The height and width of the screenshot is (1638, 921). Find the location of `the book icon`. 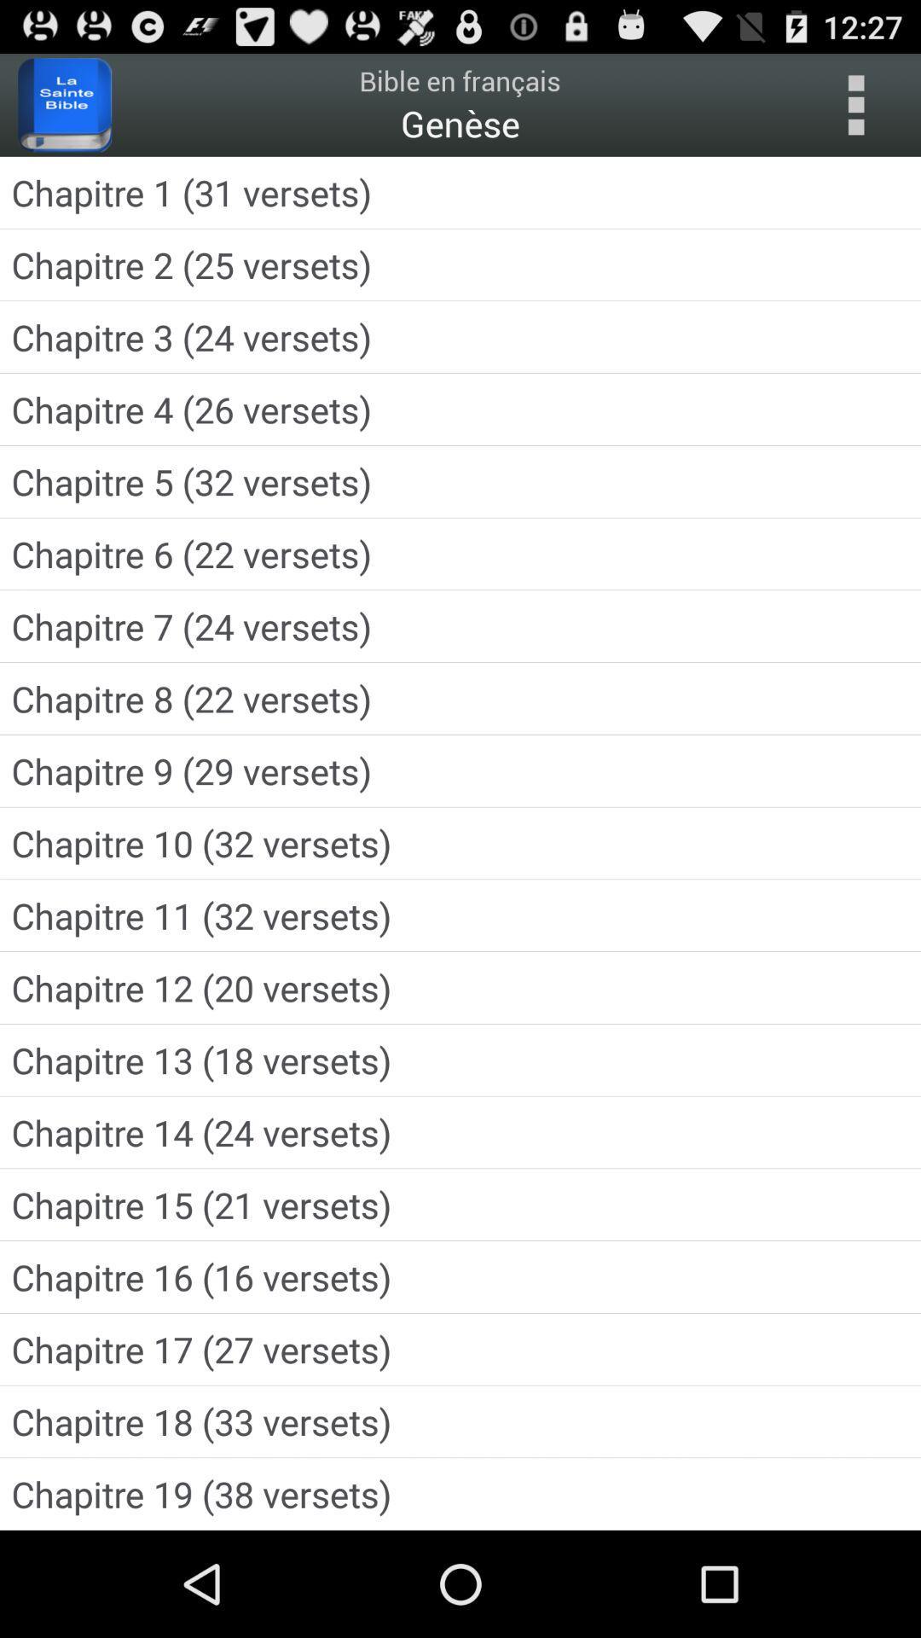

the book icon is located at coordinates (64, 112).